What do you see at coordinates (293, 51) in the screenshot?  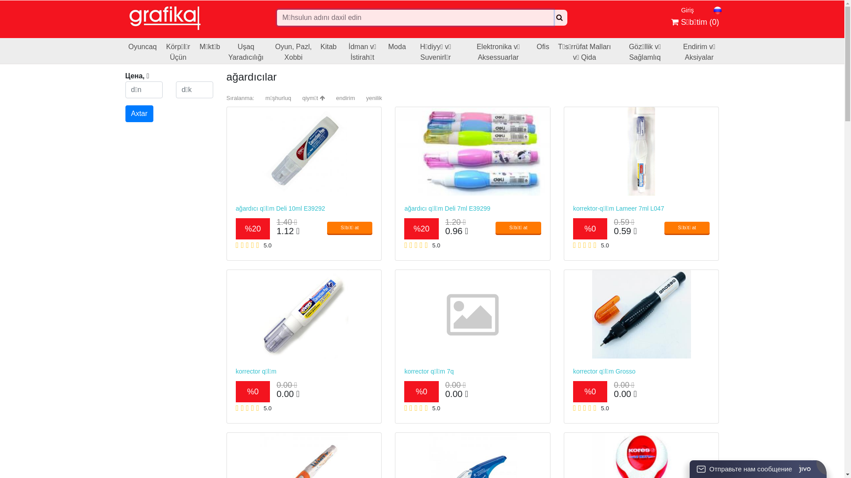 I see `'Oyun, Pazl, Xobbi'` at bounding box center [293, 51].